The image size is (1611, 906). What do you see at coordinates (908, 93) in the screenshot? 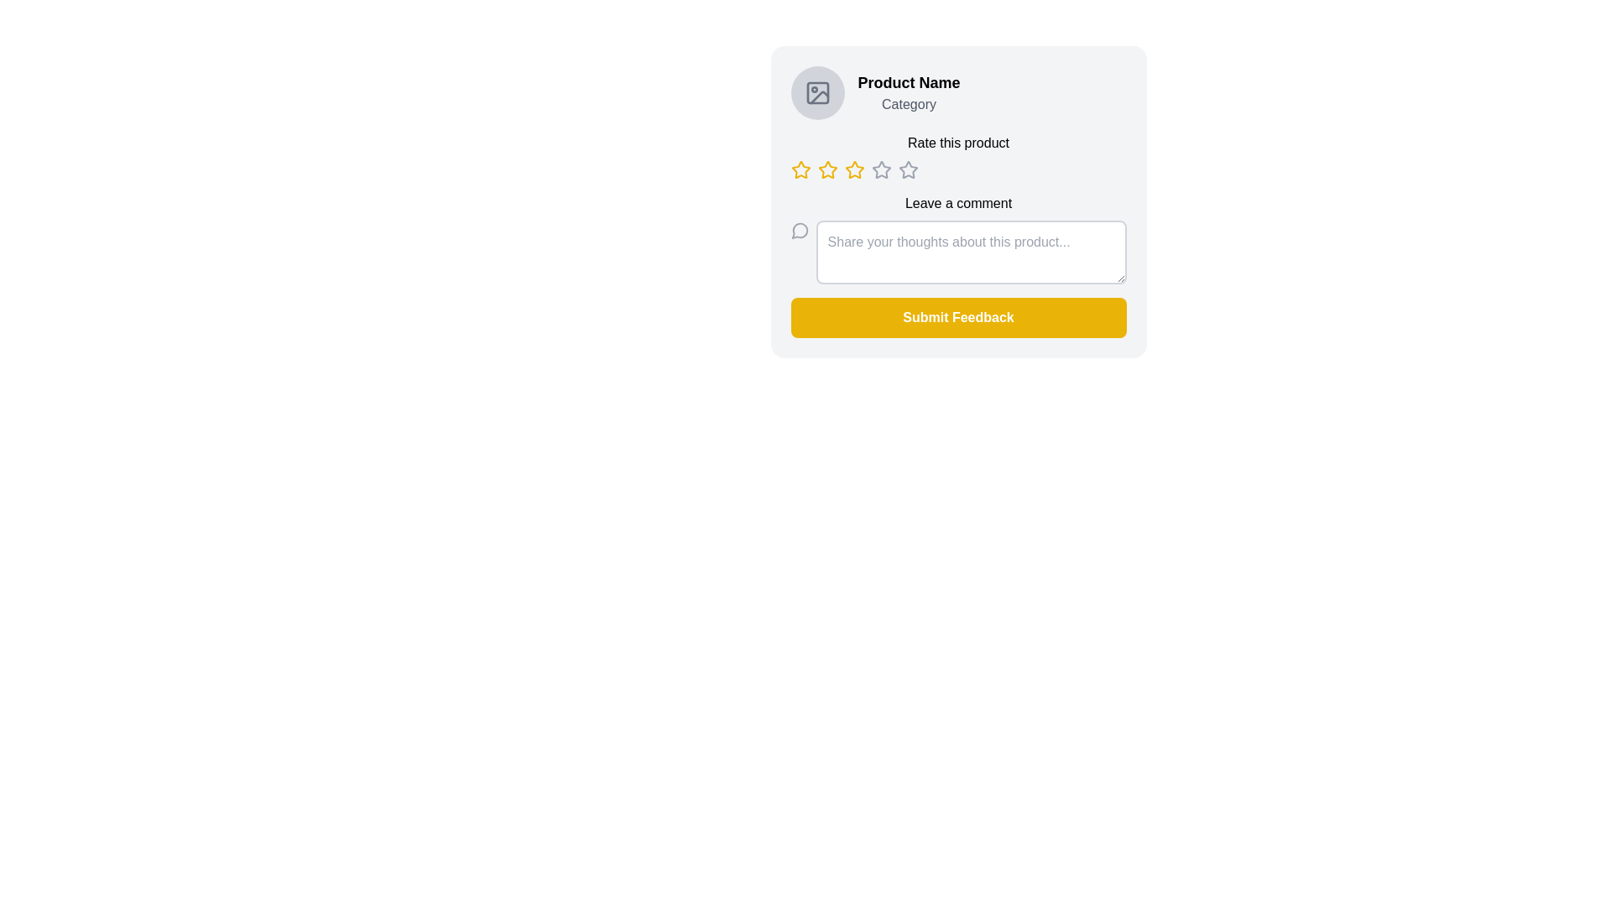
I see `the Text Label that serves as a descriptive title for the product, positioned to the right of a circular icon placeholder at the top of the UI panel` at bounding box center [908, 93].